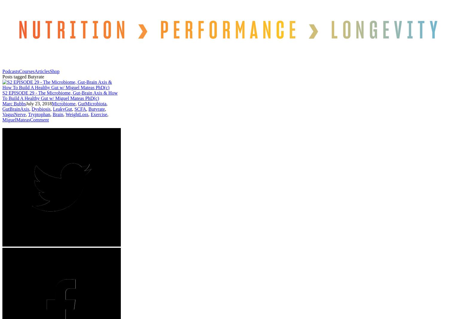 The height and width of the screenshot is (319, 451). What do you see at coordinates (39, 114) in the screenshot?
I see `'Tryptophan'` at bounding box center [39, 114].